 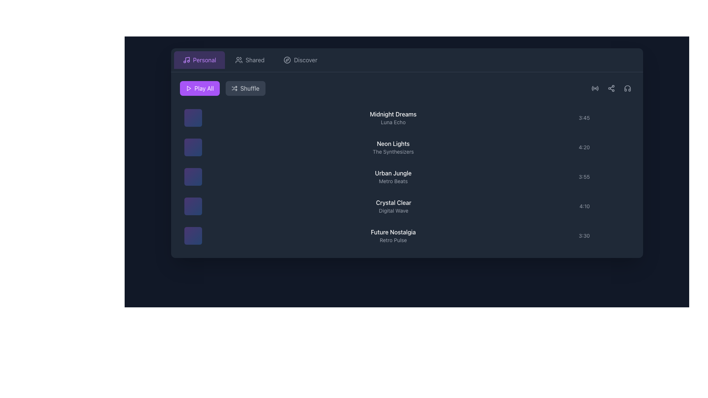 I want to click on the static text label displaying 'Neon Lights', which is positioned above the subtitle 'The Synthesizers' in the vertical list of items, so click(x=393, y=143).